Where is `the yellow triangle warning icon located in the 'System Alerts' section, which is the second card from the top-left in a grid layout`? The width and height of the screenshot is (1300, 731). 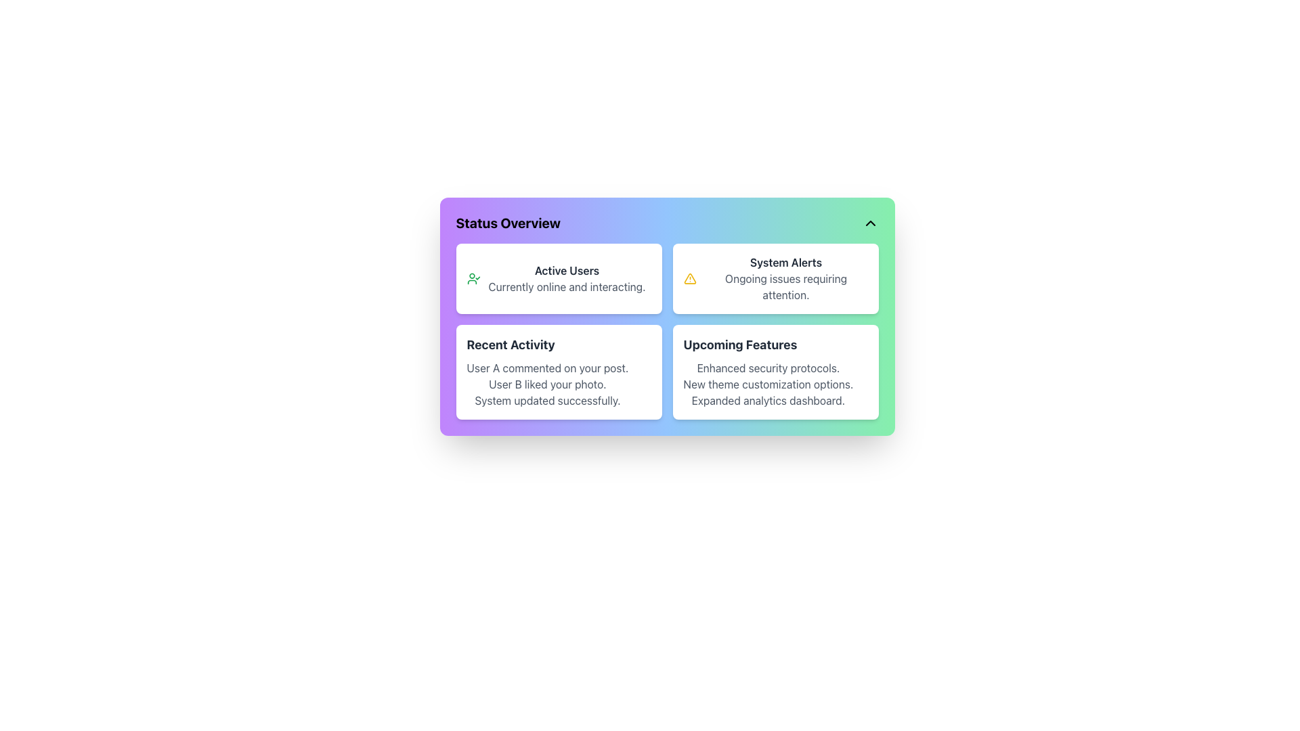 the yellow triangle warning icon located in the 'System Alerts' section, which is the second card from the top-left in a grid layout is located at coordinates (689, 278).